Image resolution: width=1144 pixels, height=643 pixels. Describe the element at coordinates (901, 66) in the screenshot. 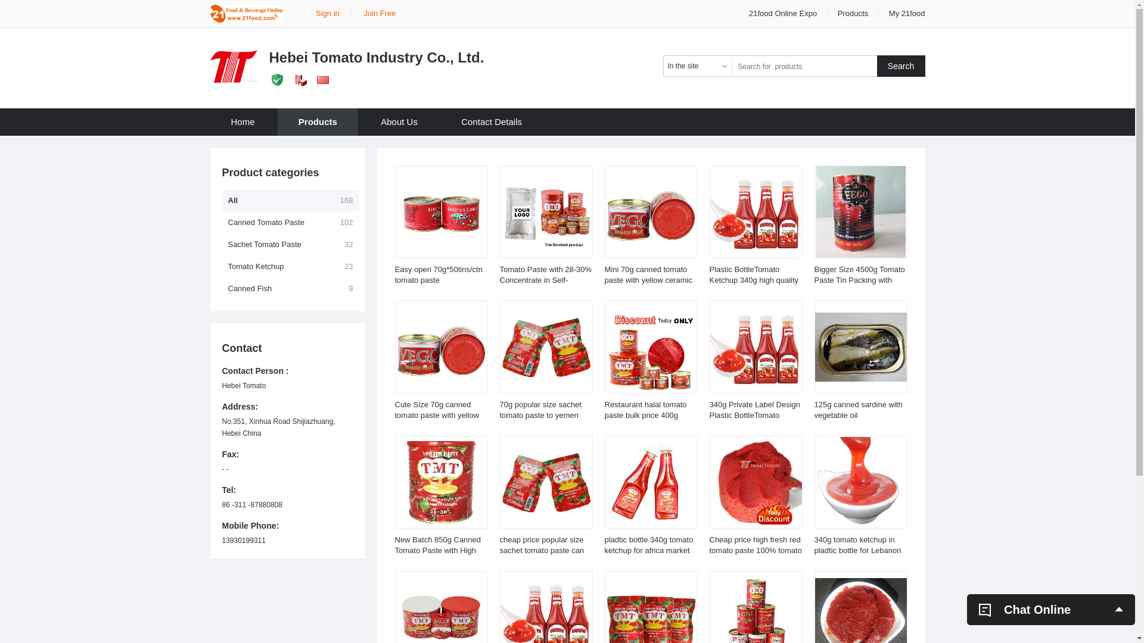

I see `'Search'` at that location.